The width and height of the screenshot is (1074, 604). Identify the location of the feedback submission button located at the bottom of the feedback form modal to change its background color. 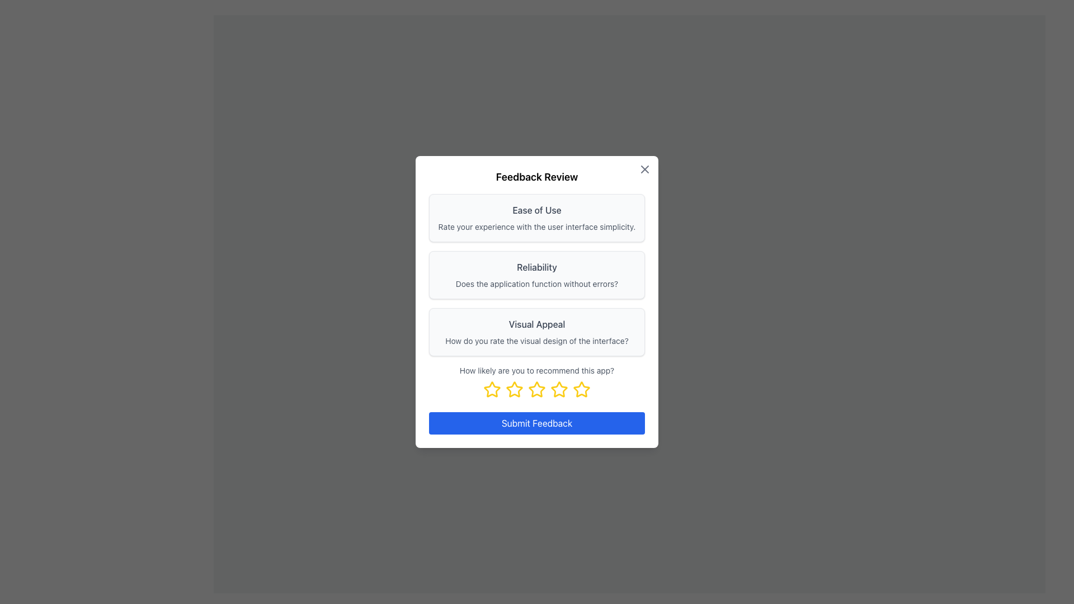
(537, 423).